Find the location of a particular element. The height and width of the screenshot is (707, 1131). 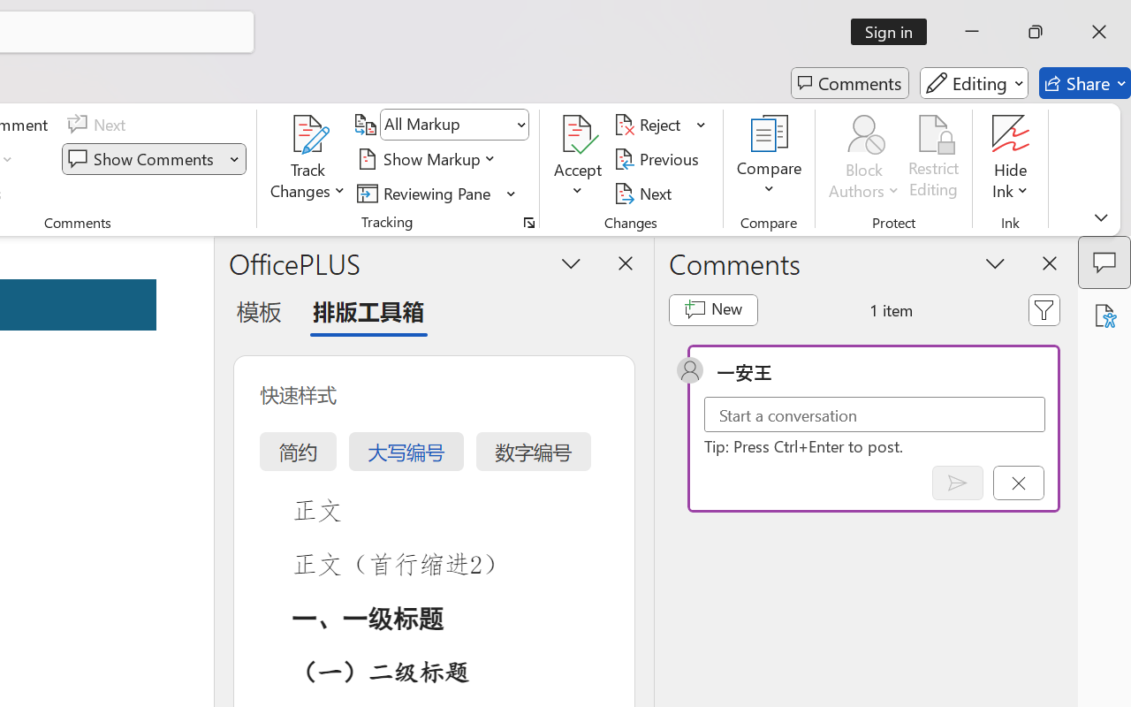

'Sign in' is located at coordinates (895, 31).